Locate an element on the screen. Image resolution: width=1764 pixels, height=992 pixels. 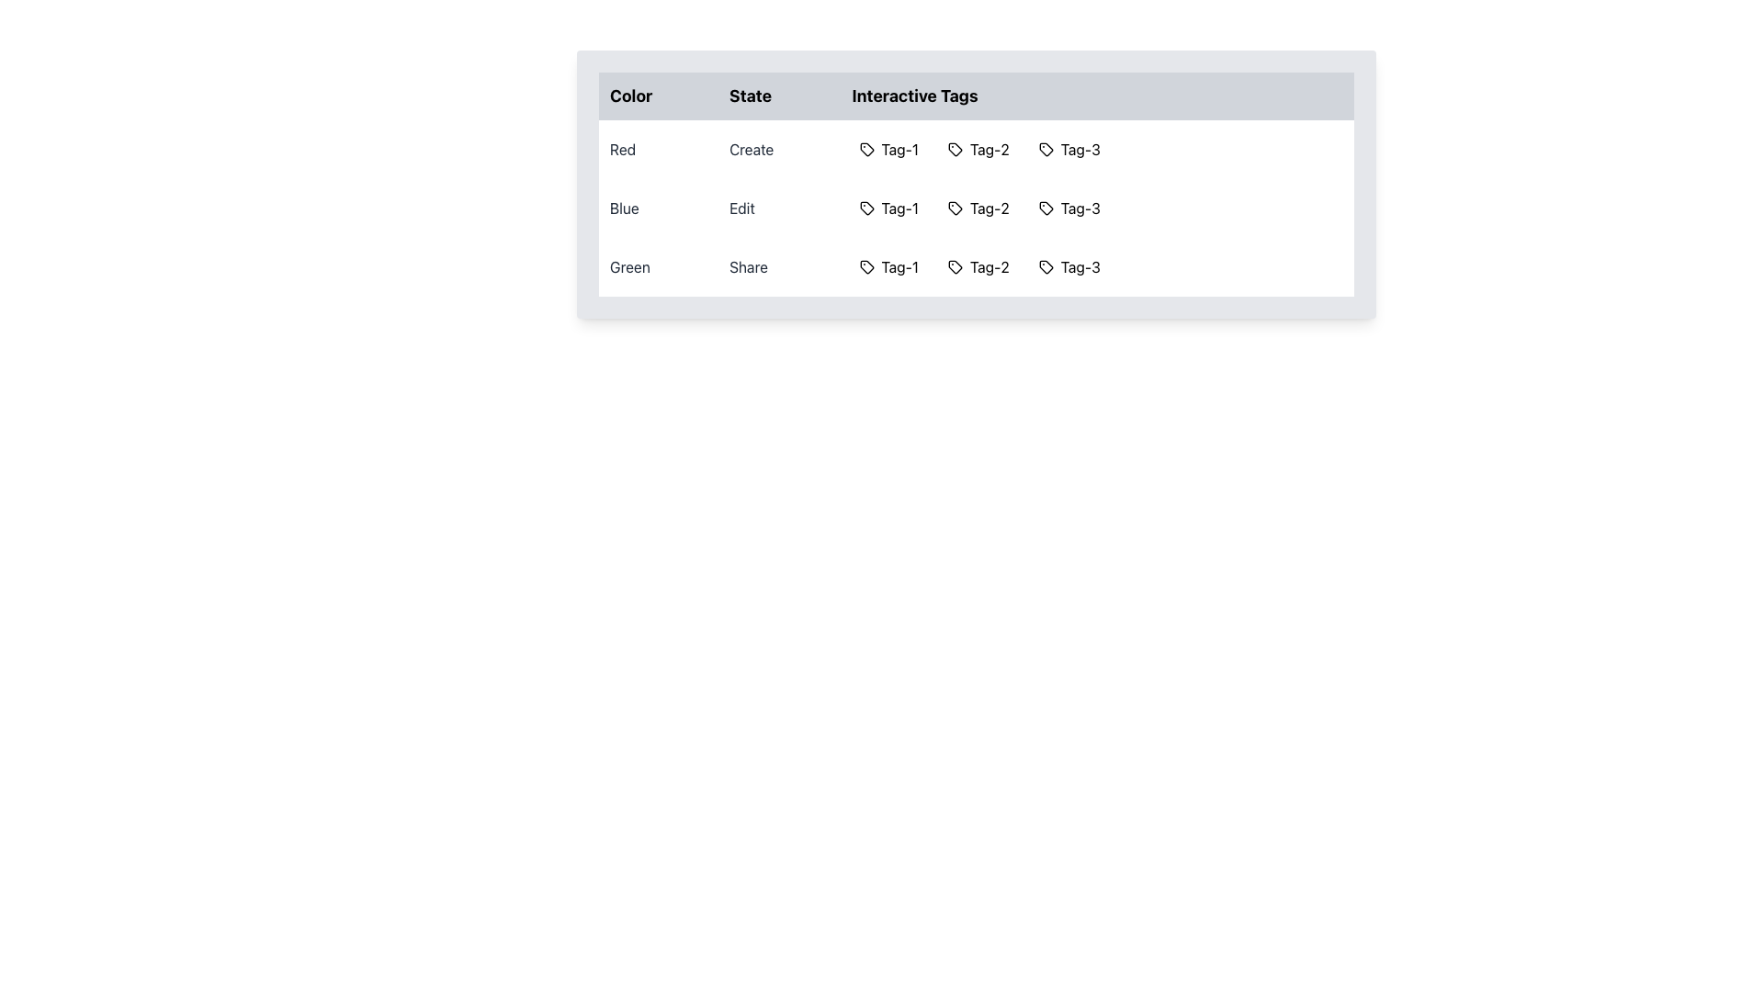
last row of the table that displays elements associated with the 'Green Share' action, located below the 'Red Create' and 'Blue Edit' rows is located at coordinates (975, 266).